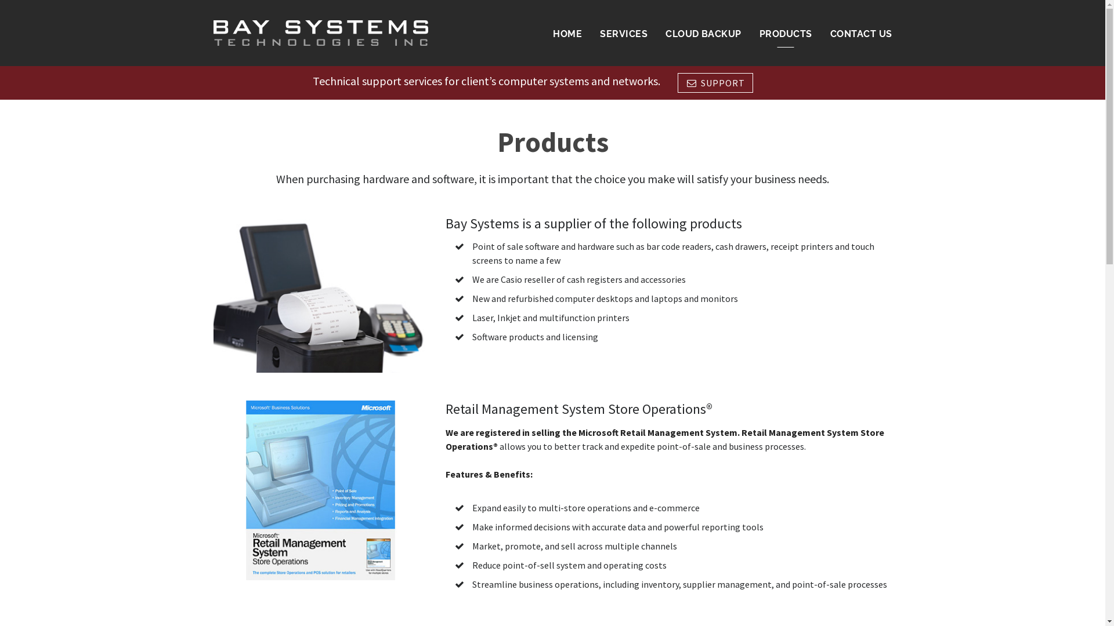 The height and width of the screenshot is (626, 1114). What do you see at coordinates (567, 33) in the screenshot?
I see `'HOME'` at bounding box center [567, 33].